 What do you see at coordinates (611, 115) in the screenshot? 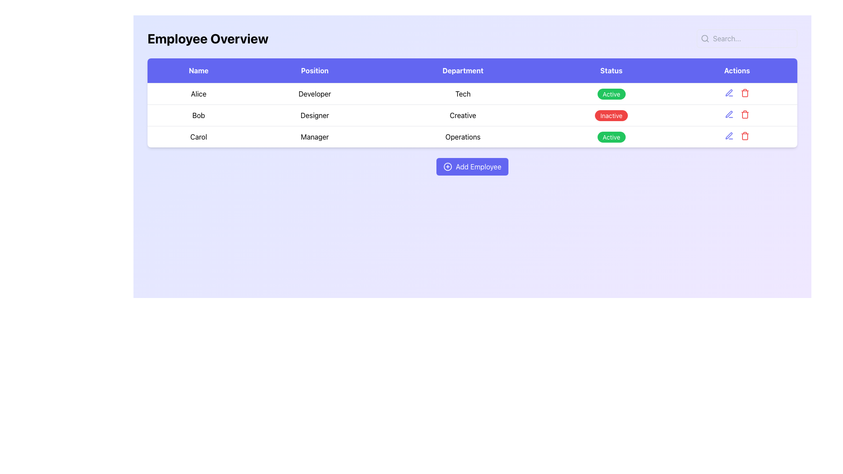
I see `the 'Inactive' status badge for the entity 'Bob' in the Status column of the table, which serves an informational purpose` at bounding box center [611, 115].